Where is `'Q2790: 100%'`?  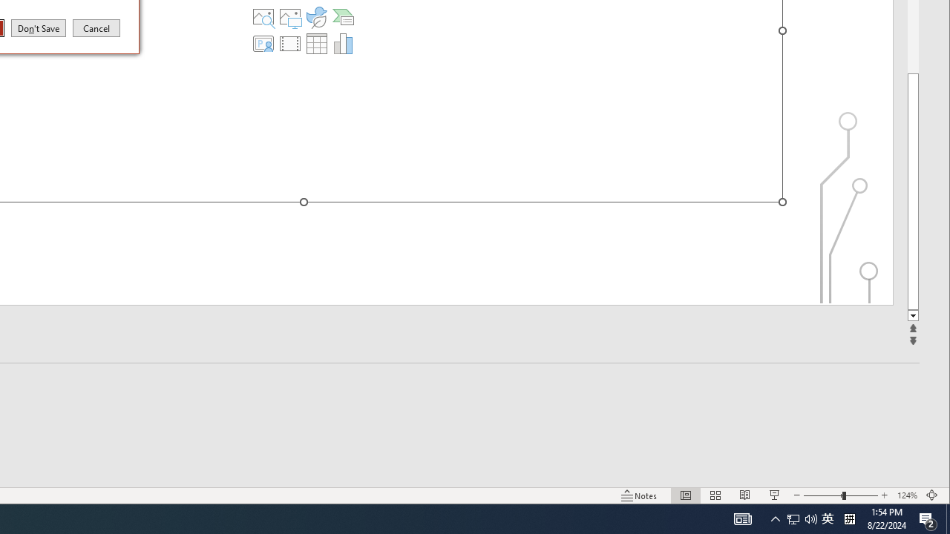 'Q2790: 100%' is located at coordinates (810, 518).